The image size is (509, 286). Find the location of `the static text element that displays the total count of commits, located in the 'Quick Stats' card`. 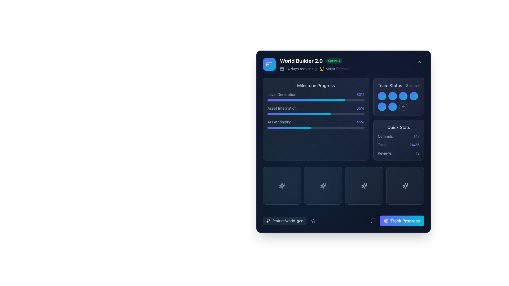

the static text element that displays the total count of commits, located in the 'Quick Stats' card is located at coordinates (416, 136).